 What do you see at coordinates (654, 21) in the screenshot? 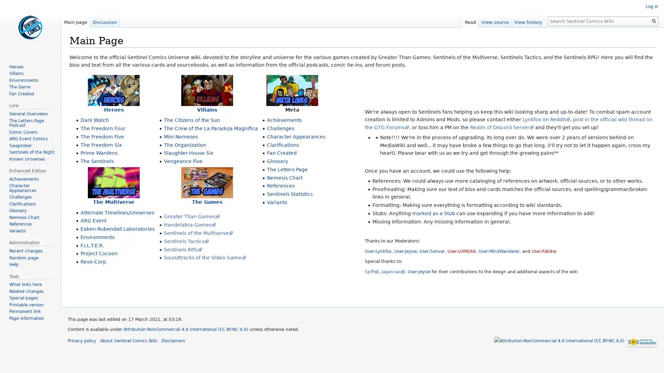
I see `Go` at bounding box center [654, 21].